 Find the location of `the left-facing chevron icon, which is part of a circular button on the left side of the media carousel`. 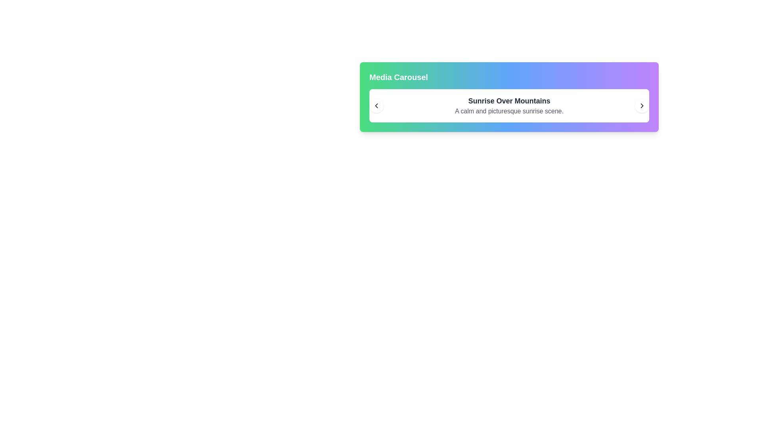

the left-facing chevron icon, which is part of a circular button on the left side of the media carousel is located at coordinates (376, 105).